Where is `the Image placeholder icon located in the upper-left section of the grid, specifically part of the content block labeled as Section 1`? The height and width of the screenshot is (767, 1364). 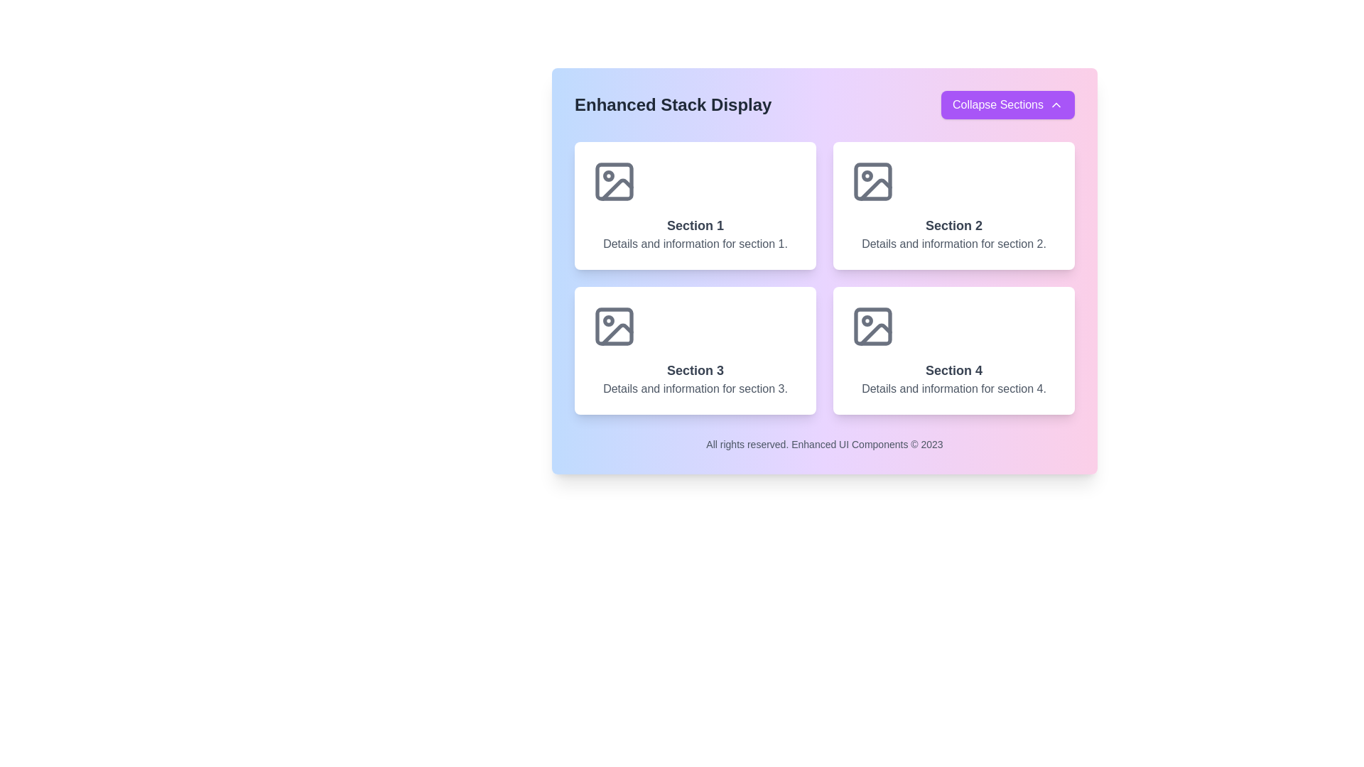 the Image placeholder icon located in the upper-left section of the grid, specifically part of the content block labeled as Section 1 is located at coordinates (614, 180).